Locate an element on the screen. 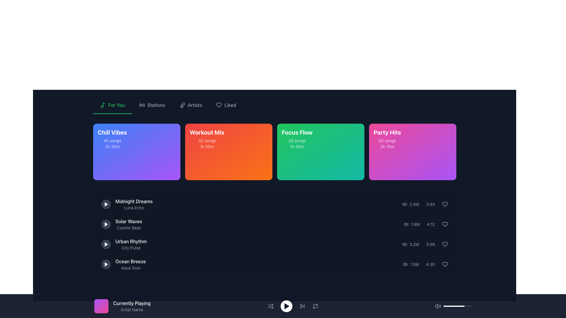 The width and height of the screenshot is (566, 318). the volume is located at coordinates (444, 306).